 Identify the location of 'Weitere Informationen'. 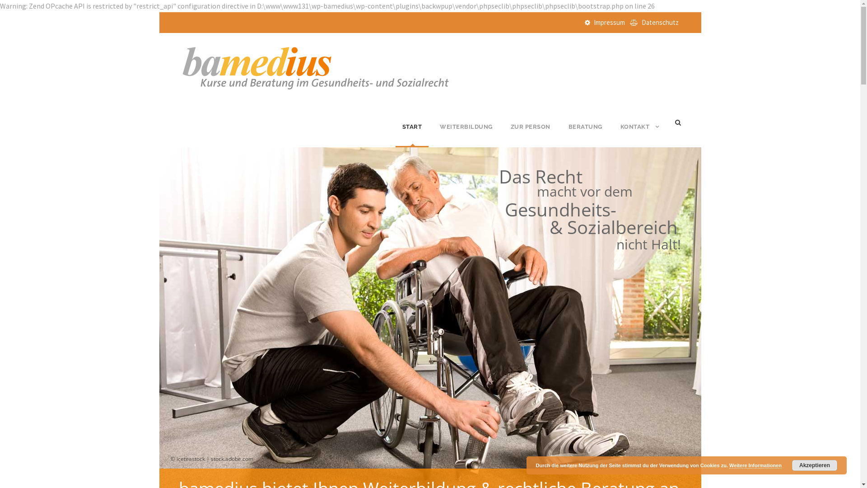
(729, 465).